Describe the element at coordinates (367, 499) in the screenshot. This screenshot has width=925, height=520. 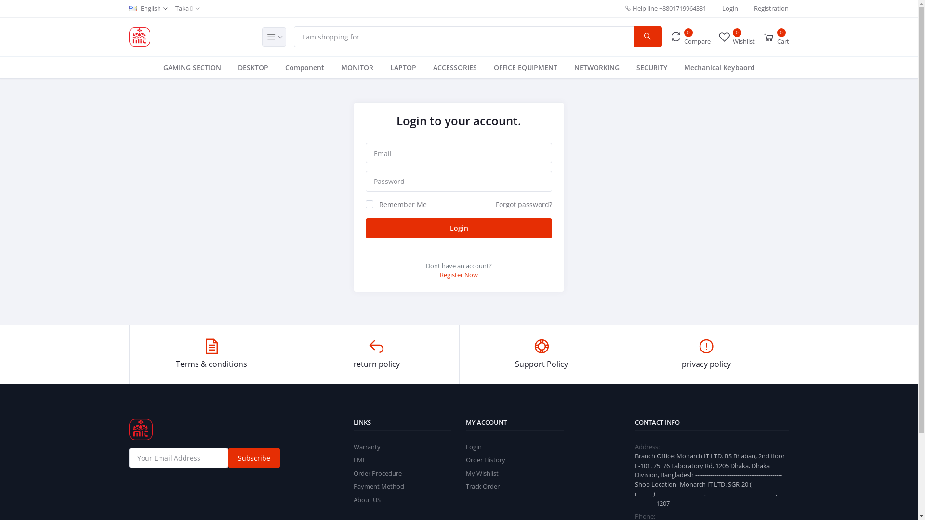
I see `'About US'` at that location.